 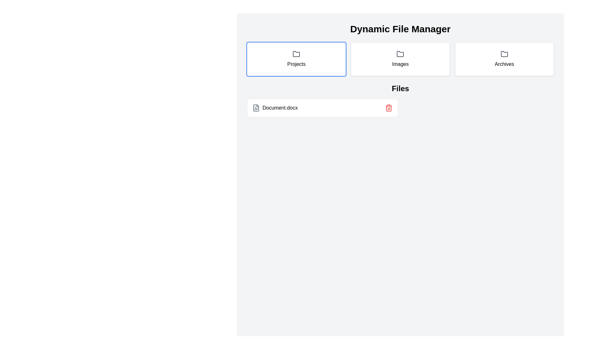 I want to click on the text label 'Archives' which is displayed in a medium-weight font at the center-bottom of its UI card, beneath a folder icon, so click(x=504, y=64).